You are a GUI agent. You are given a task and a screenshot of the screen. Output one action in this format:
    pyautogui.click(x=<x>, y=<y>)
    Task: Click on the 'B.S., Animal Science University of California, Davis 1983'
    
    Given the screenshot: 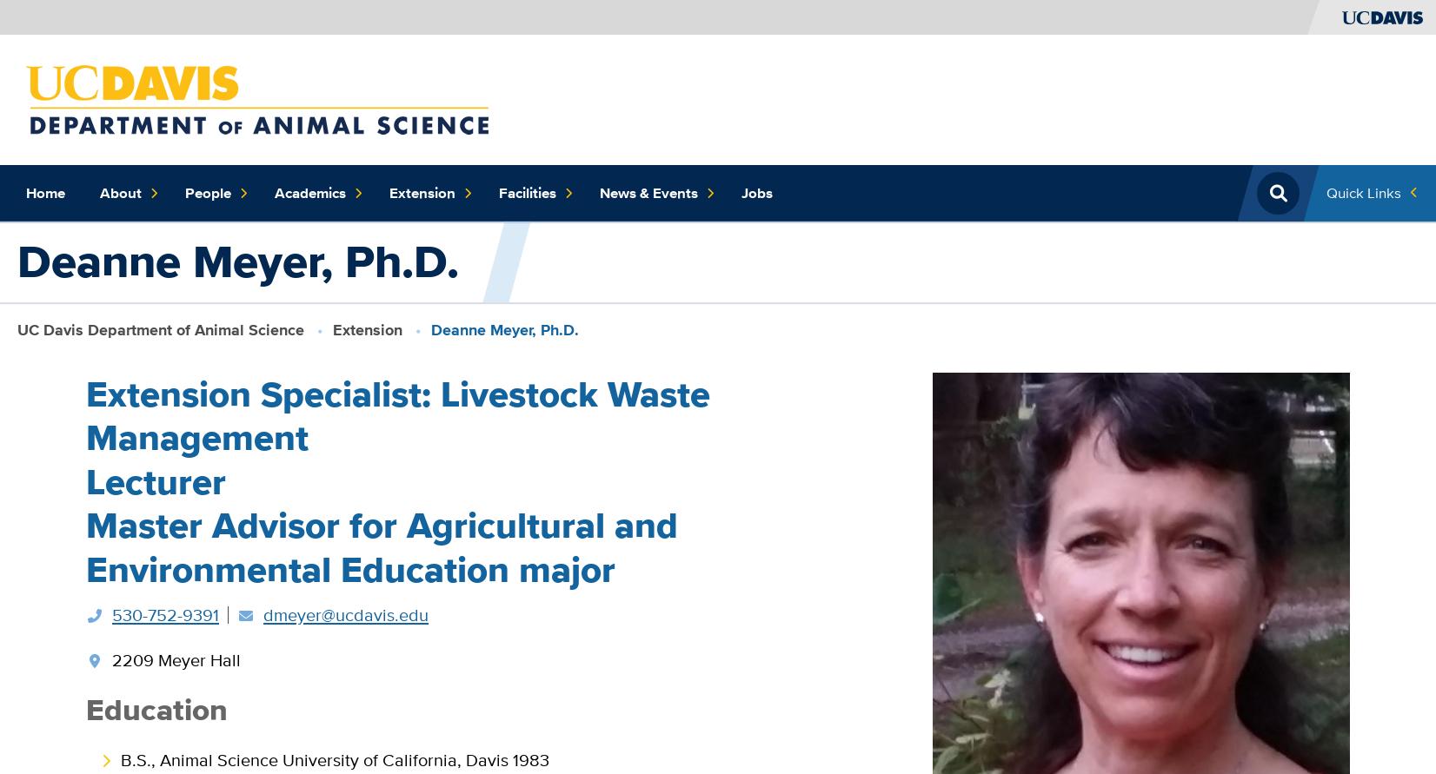 What is the action you would take?
    pyautogui.click(x=120, y=757)
    